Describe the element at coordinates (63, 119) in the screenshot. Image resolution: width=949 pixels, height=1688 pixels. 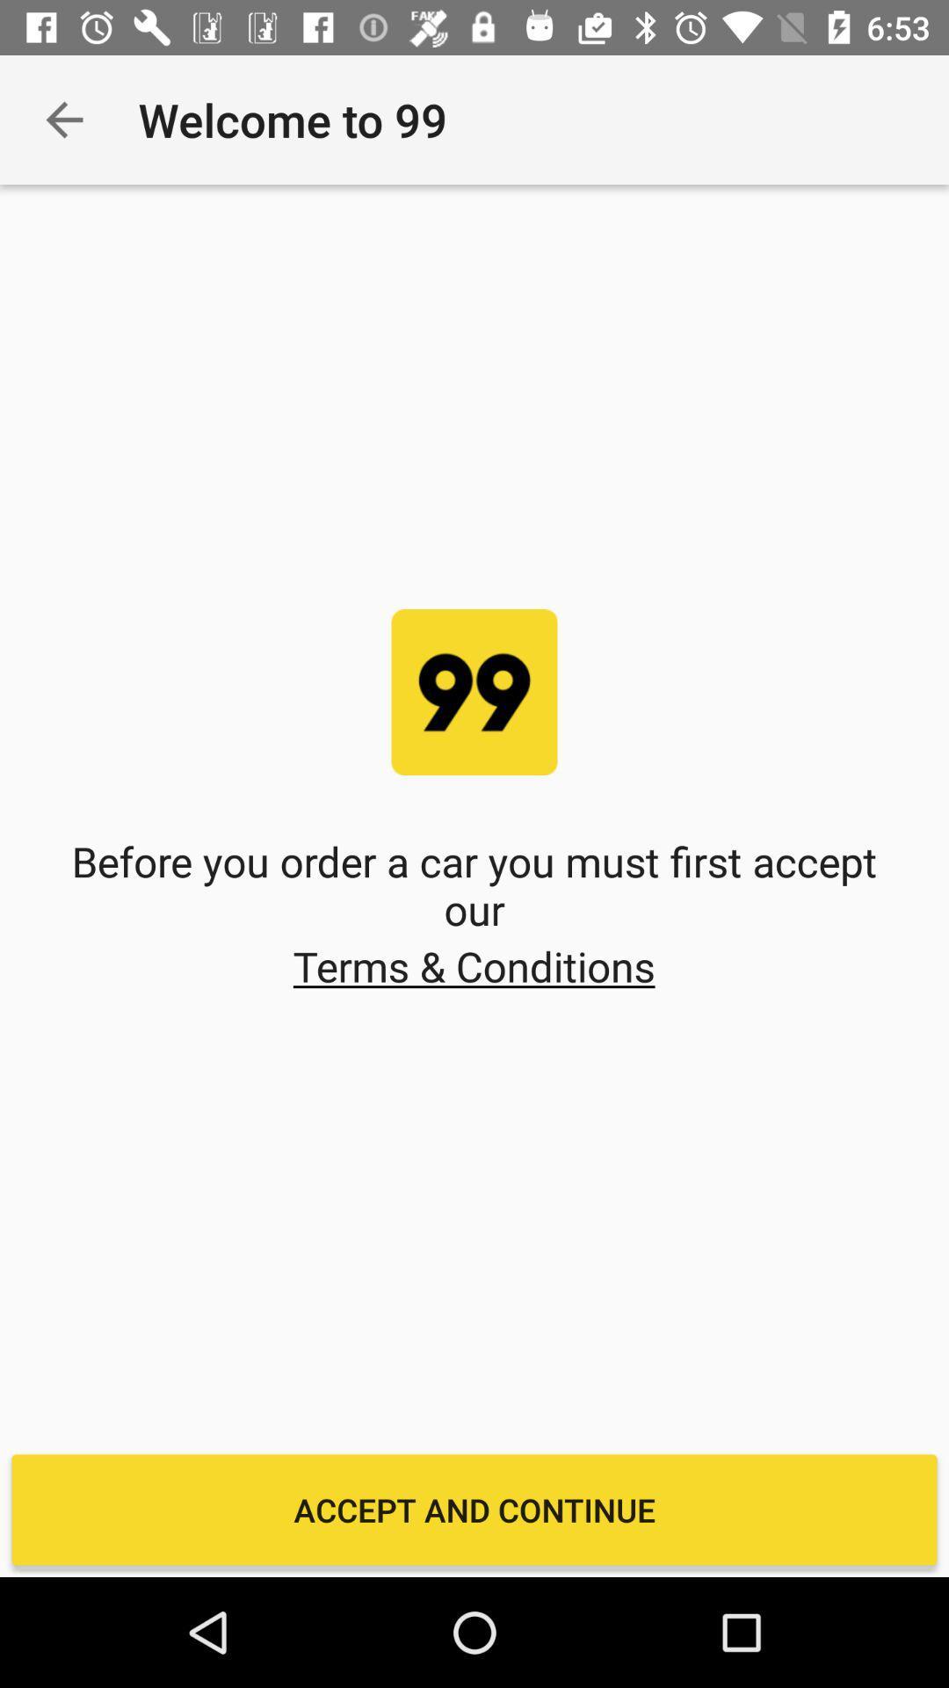
I see `the app to the left of the welcome to 99 item` at that location.